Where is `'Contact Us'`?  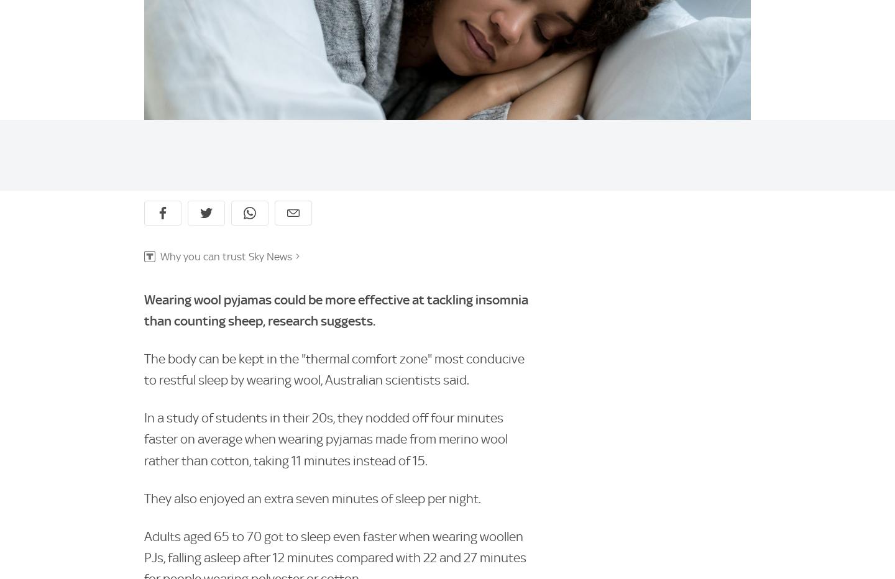
'Contact Us' is located at coordinates (538, 562).